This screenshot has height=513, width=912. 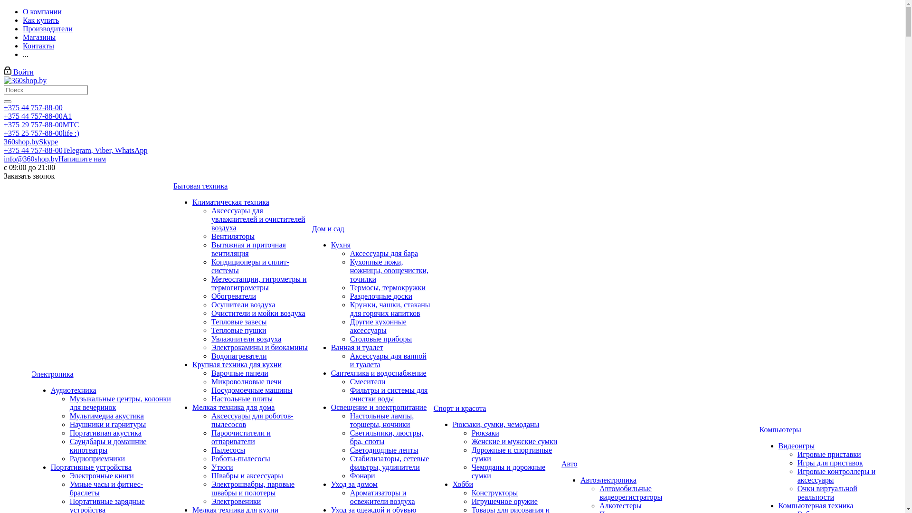 What do you see at coordinates (41, 133) in the screenshot?
I see `'+375 25 757-88-00life :)'` at bounding box center [41, 133].